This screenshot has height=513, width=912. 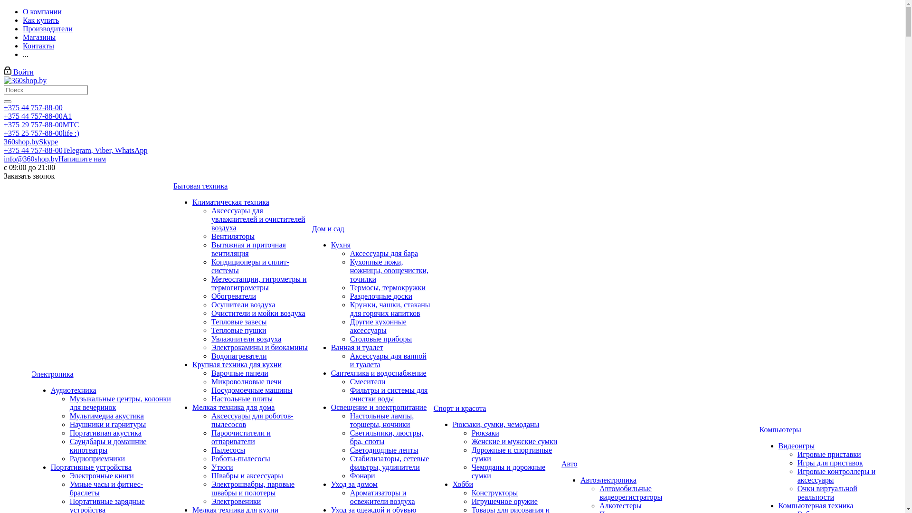 What do you see at coordinates (41, 133) in the screenshot?
I see `'+375 25 757-88-00life :)'` at bounding box center [41, 133].